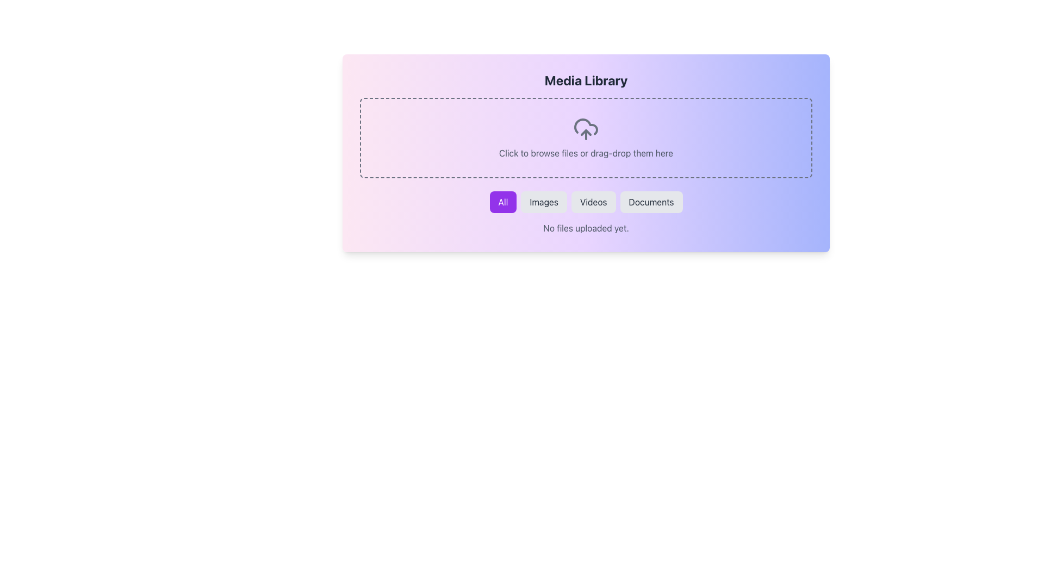  I want to click on instructions for uploading files by interacting with the text label that says 'Click to browse files or drag-drop them here', which is located below the upload icon, so click(586, 153).